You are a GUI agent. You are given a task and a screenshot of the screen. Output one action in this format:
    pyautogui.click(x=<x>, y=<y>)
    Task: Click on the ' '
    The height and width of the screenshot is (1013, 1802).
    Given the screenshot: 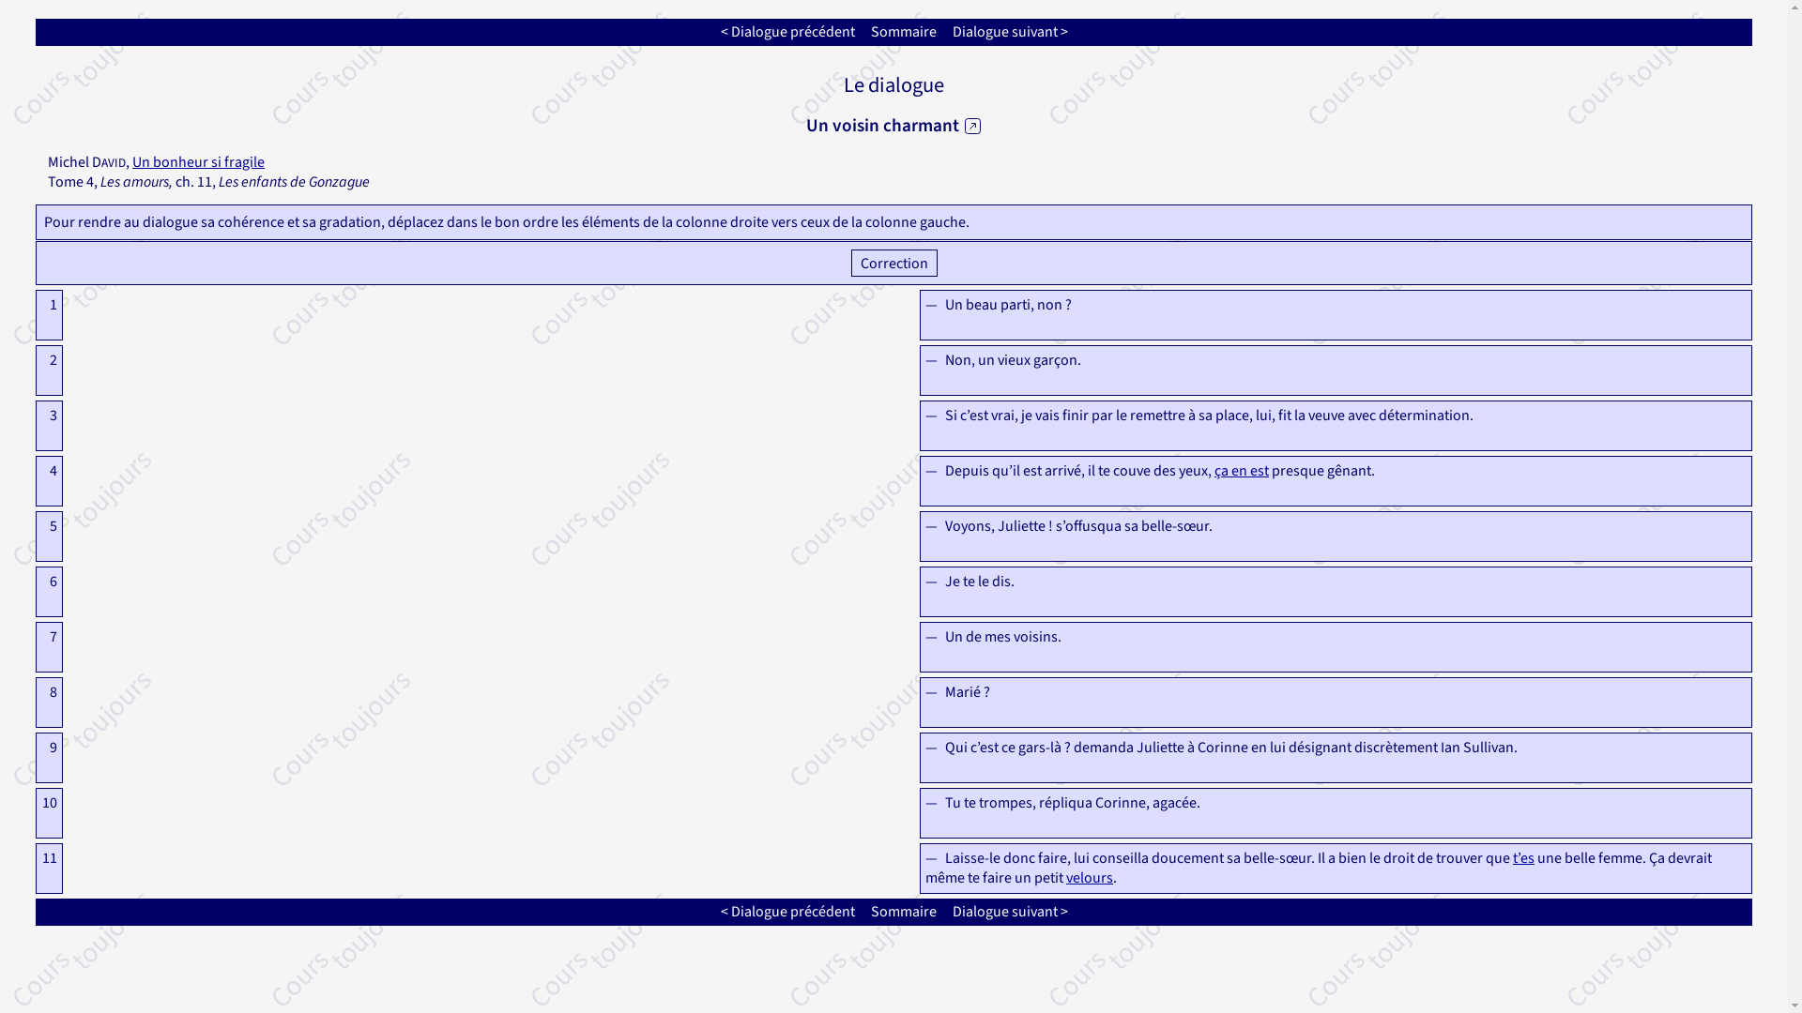 What is the action you would take?
    pyautogui.click(x=972, y=126)
    